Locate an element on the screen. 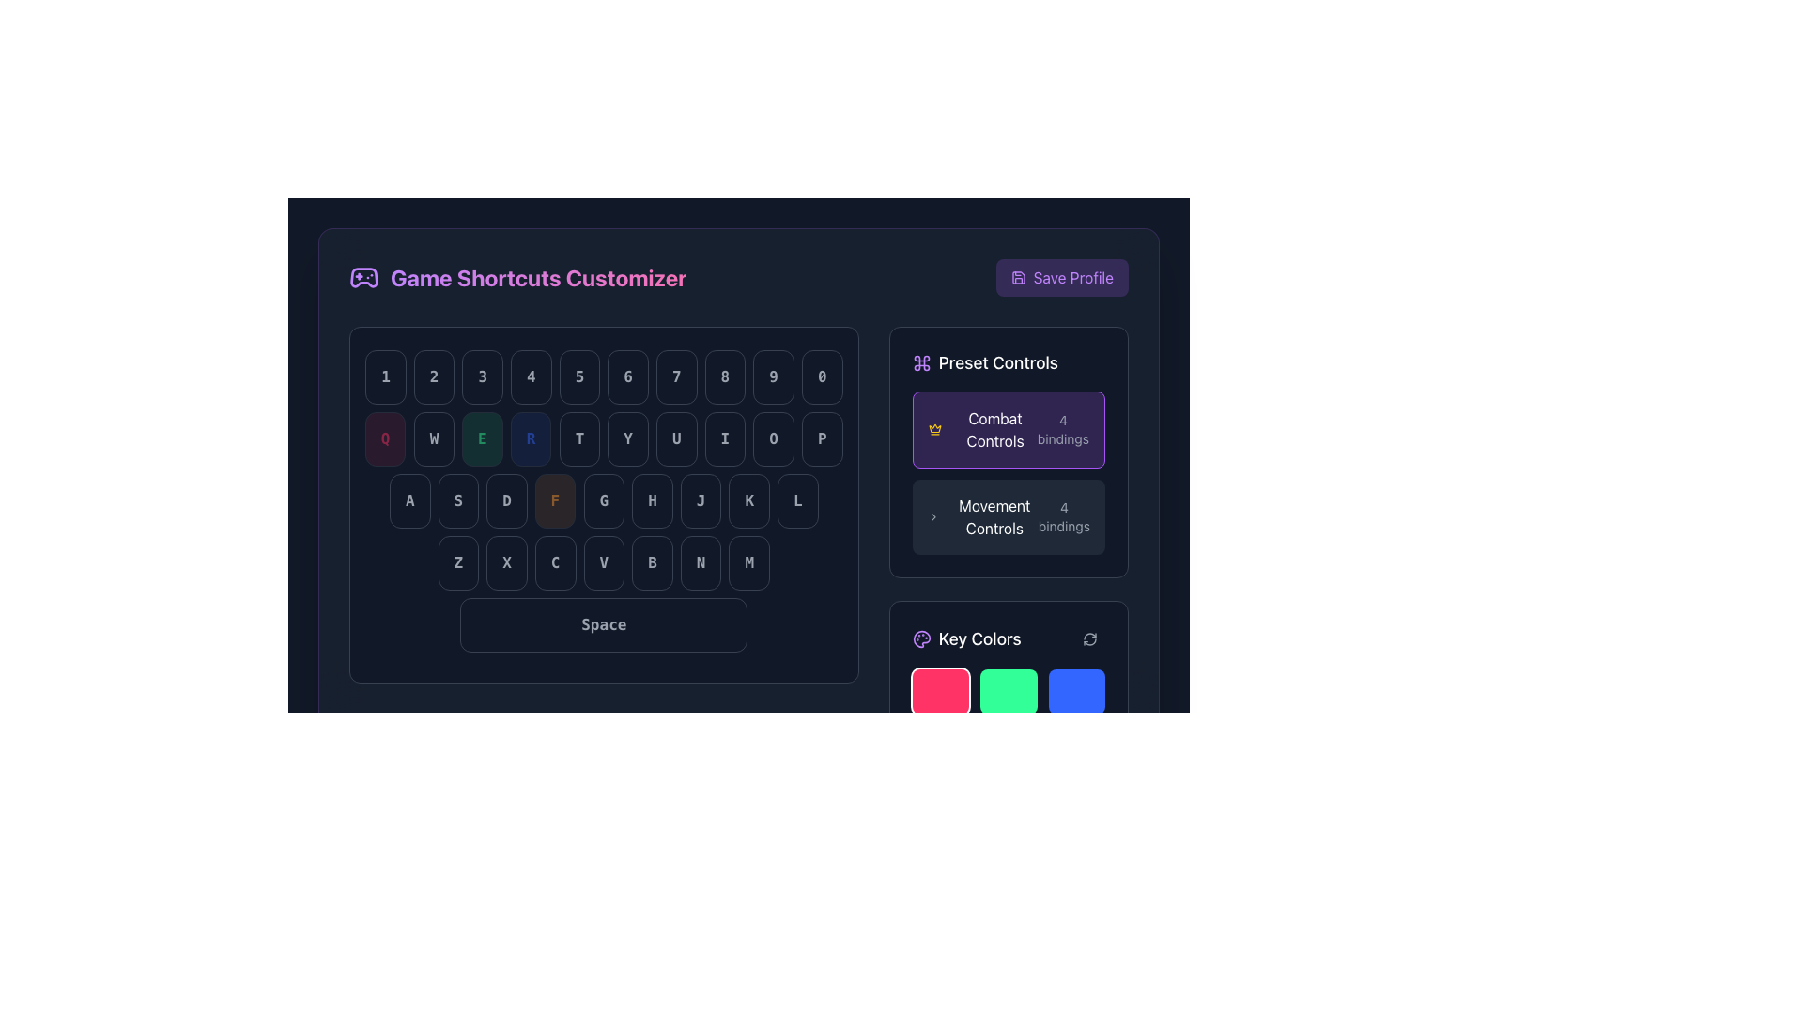  Text Label that serves as a title for the Game Shortcuts Customizer section, located to the right of a gamepad icon is located at coordinates (537, 278).